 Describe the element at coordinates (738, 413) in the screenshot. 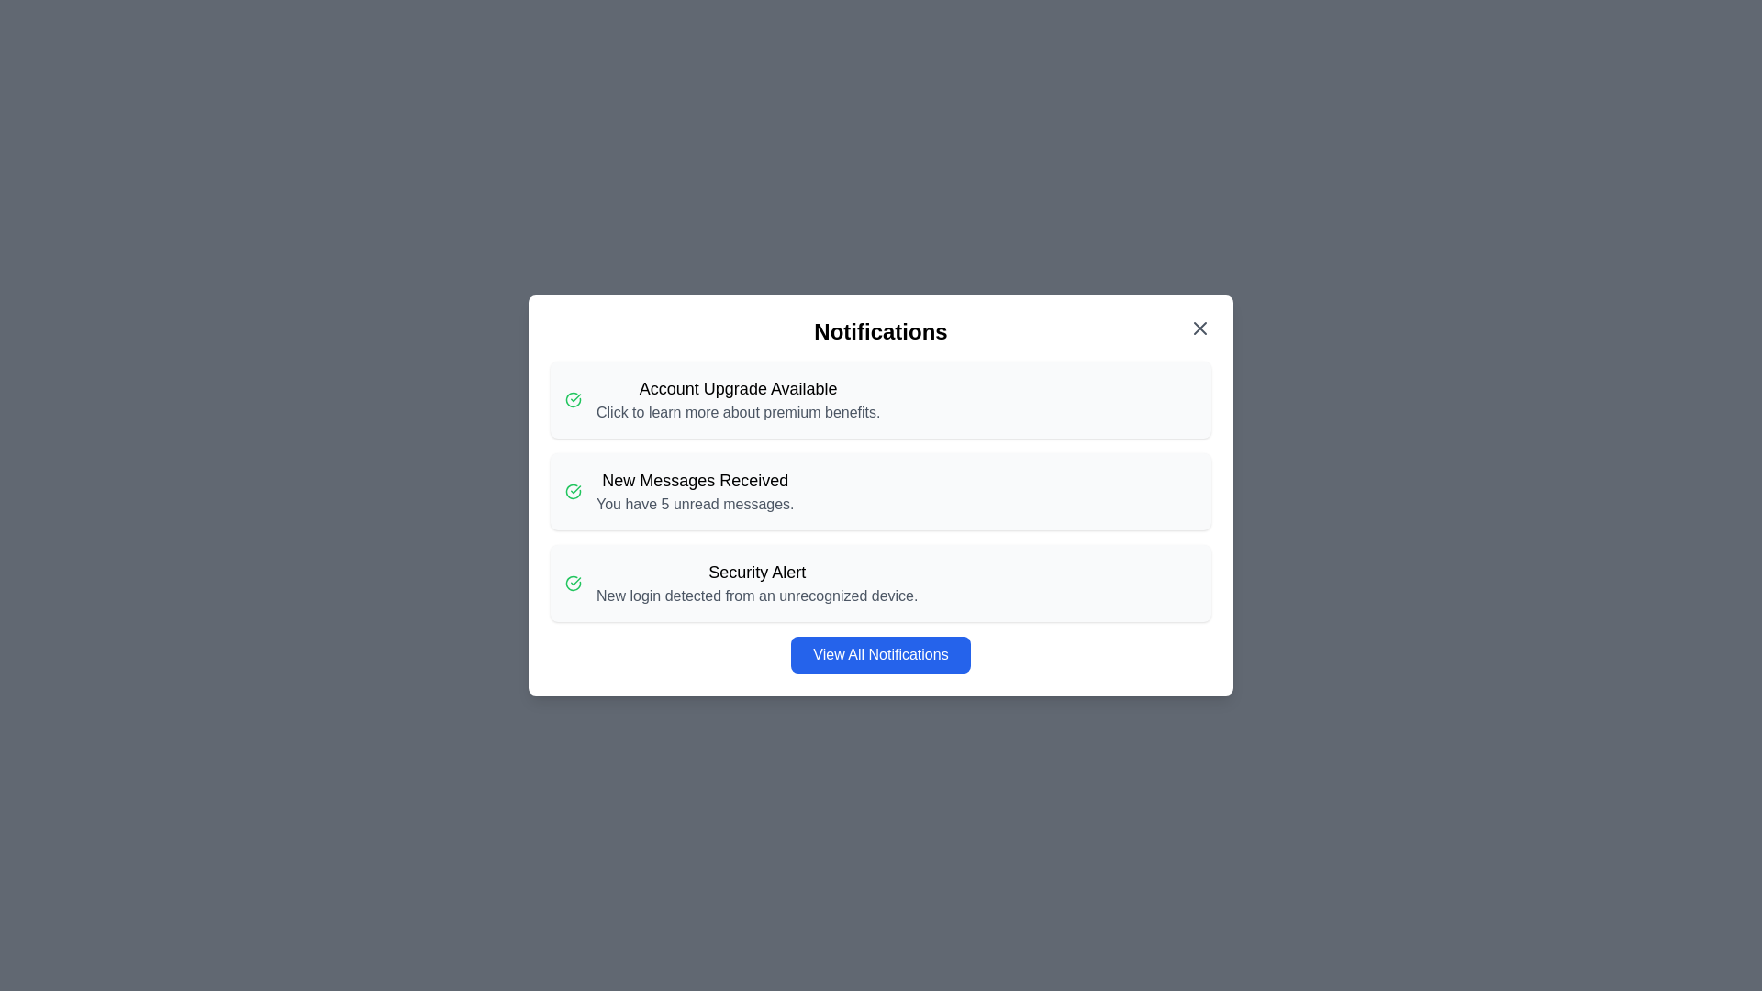

I see `the informational text label that reads 'Click to learn more about premium benefits.' which is located below the title 'Account Upgrade Available' in the notification section` at that location.